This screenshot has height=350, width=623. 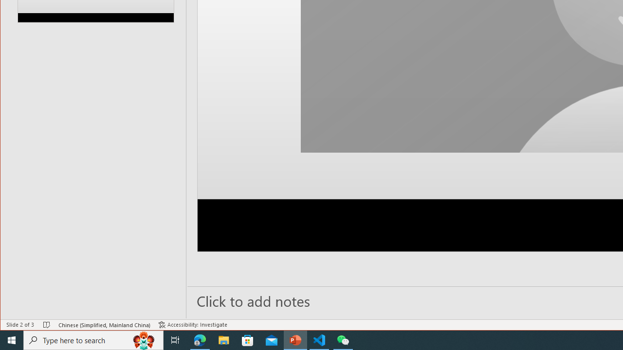 I want to click on 'Microsoft Store', so click(x=248, y=339).